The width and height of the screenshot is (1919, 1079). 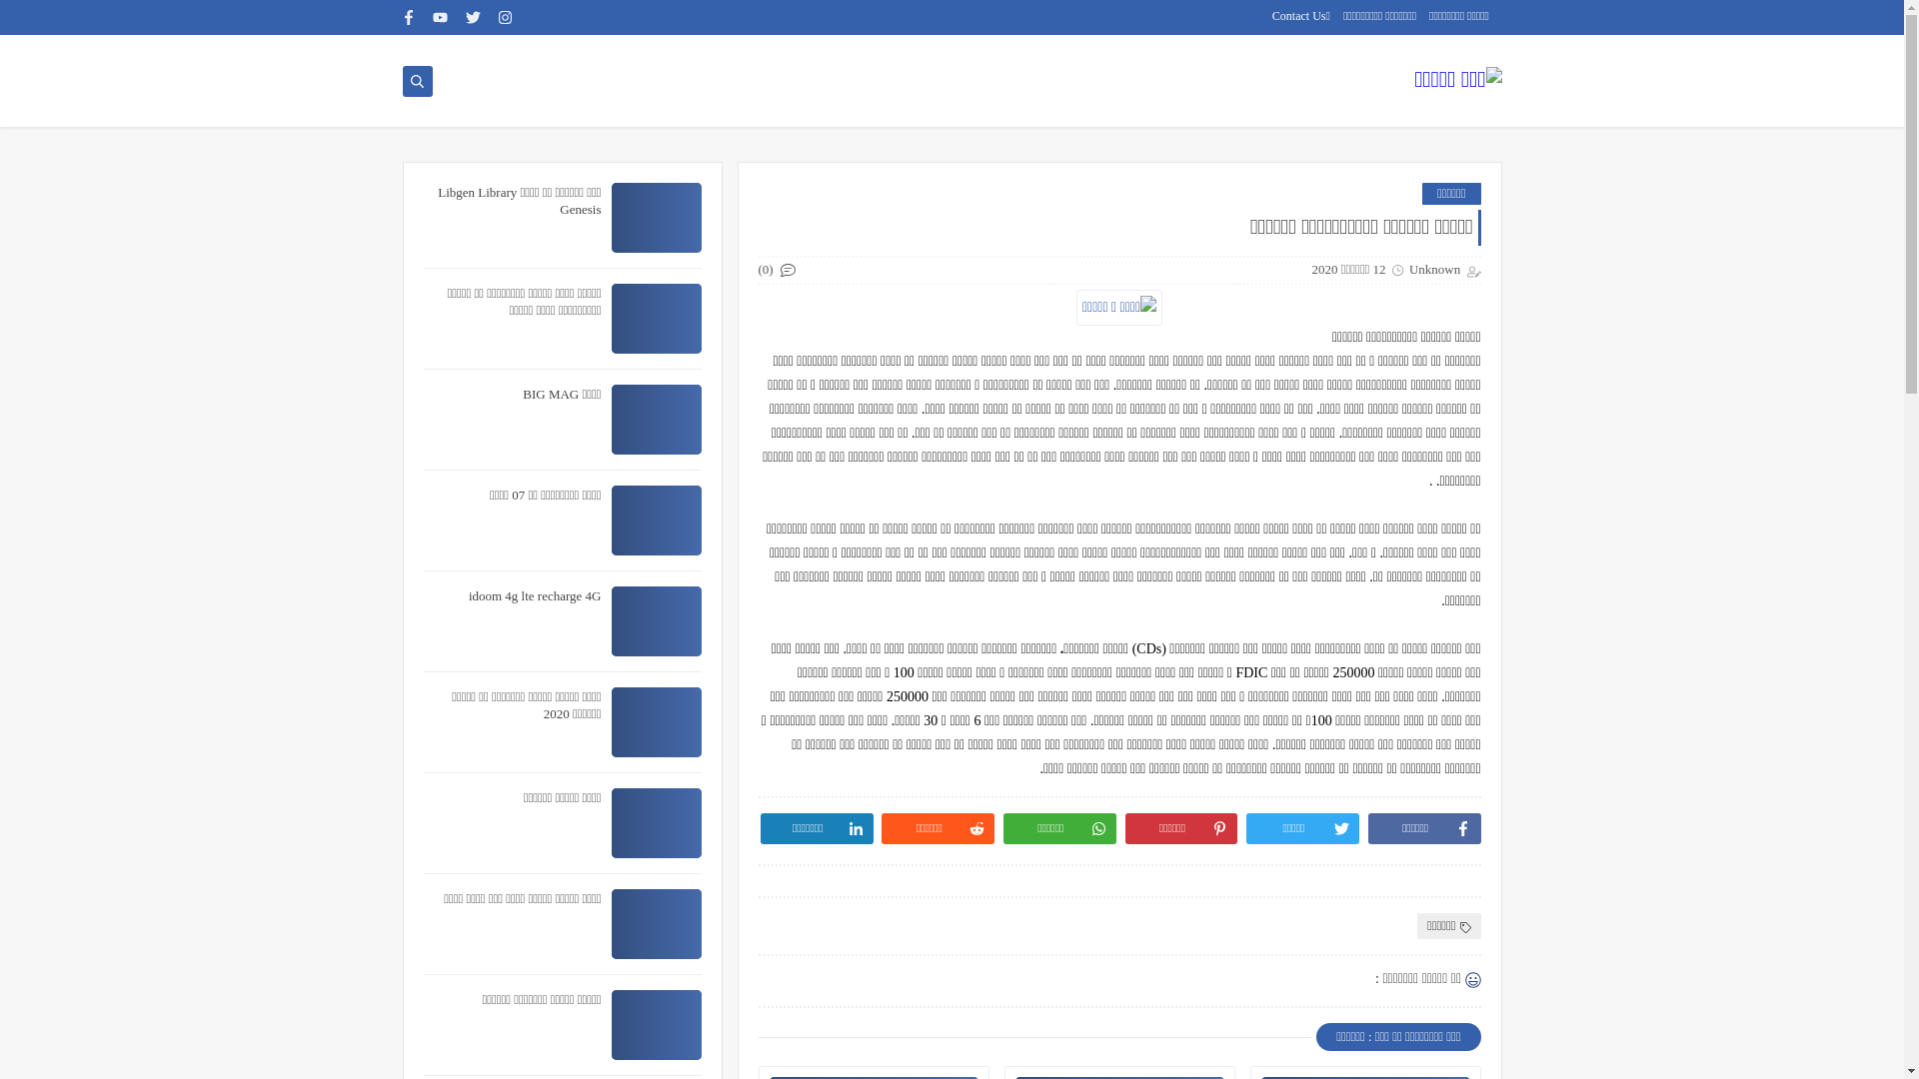 What do you see at coordinates (439, 17) in the screenshot?
I see `'youtube'` at bounding box center [439, 17].